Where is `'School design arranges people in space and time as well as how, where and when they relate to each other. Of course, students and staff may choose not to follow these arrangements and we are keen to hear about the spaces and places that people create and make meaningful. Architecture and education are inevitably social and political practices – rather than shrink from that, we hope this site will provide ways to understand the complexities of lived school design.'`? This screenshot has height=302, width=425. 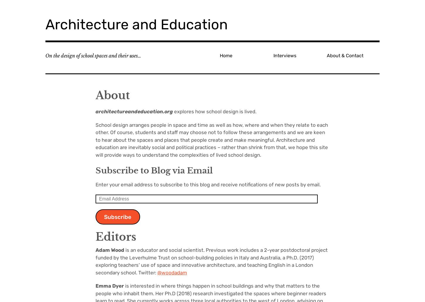
'School design arranges people in space and time as well as how, where and when they relate to each other. Of course, students and staff may choose not to follow these arrangements and we are keen to hear about the spaces and places that people create and make meaningful. Architecture and education are inevitably social and political practices – rather than shrink from that, we hope this site will provide ways to understand the complexities of lived school design.' is located at coordinates (211, 140).